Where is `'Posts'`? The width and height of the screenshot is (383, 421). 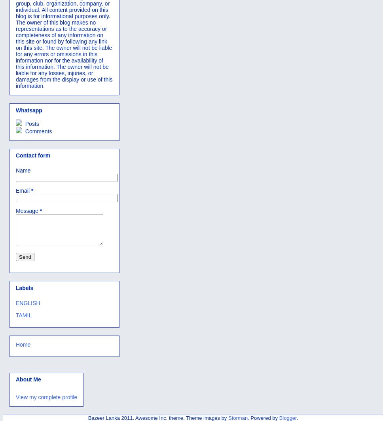
'Posts' is located at coordinates (30, 123).